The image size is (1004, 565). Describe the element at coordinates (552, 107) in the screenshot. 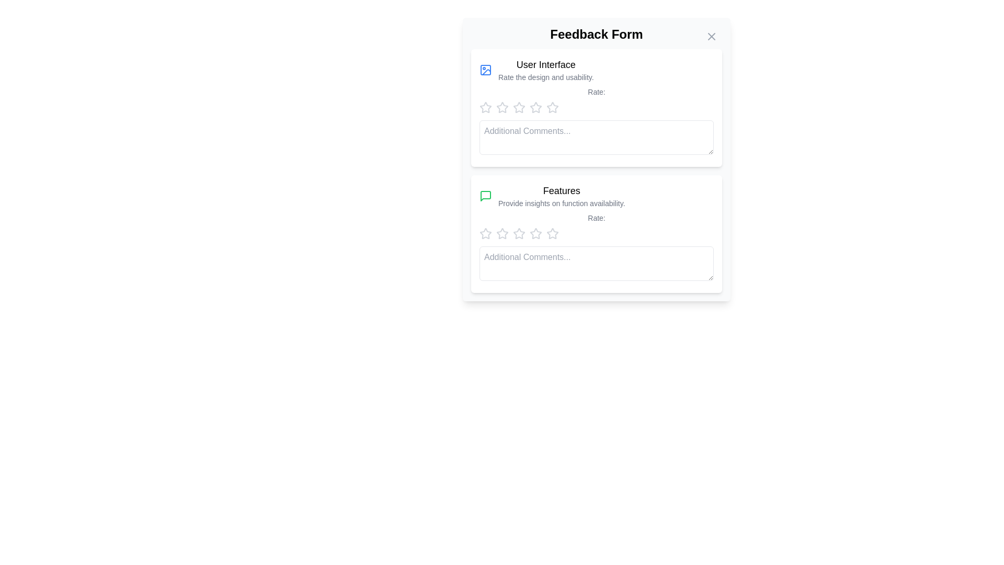

I see `the fourth star icon in the User Interface feedback section` at that location.